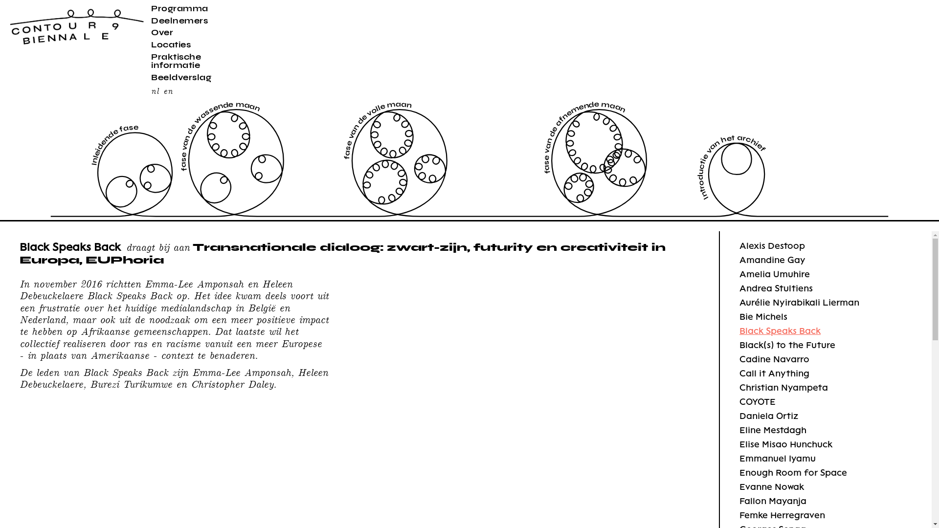  What do you see at coordinates (181, 77) in the screenshot?
I see `'Beeldverslag'` at bounding box center [181, 77].